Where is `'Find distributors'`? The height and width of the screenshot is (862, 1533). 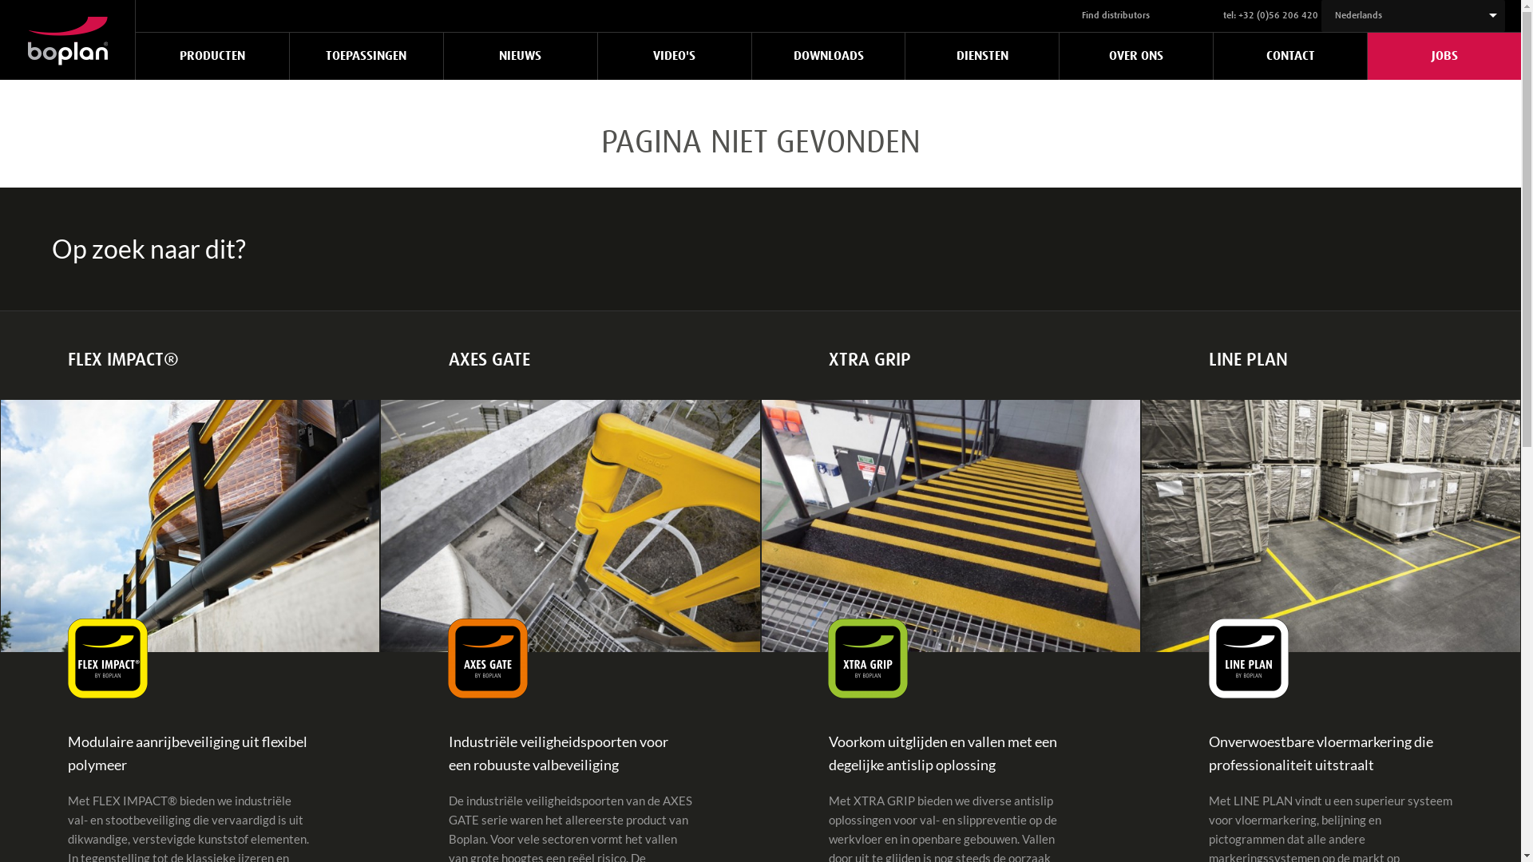 'Find distributors' is located at coordinates (1115, 15).